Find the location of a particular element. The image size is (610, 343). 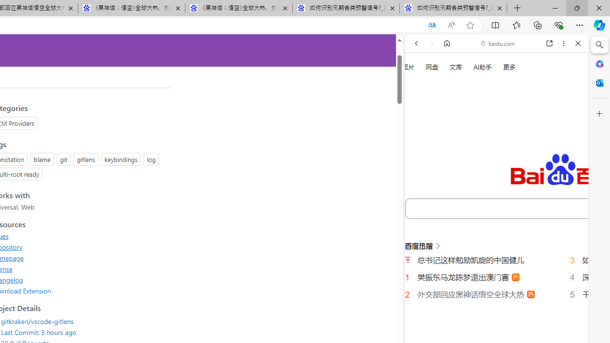

'baidu.com' is located at coordinates (498, 43).